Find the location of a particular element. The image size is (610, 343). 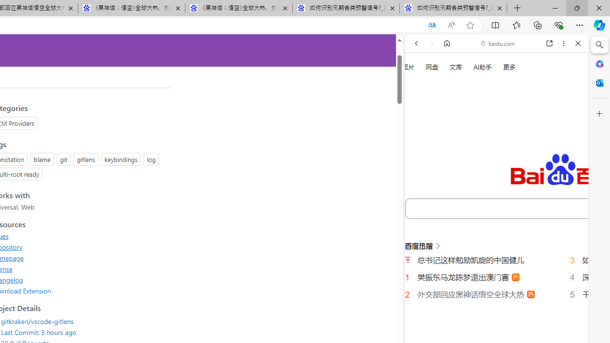

'baidu.com' is located at coordinates (498, 43).